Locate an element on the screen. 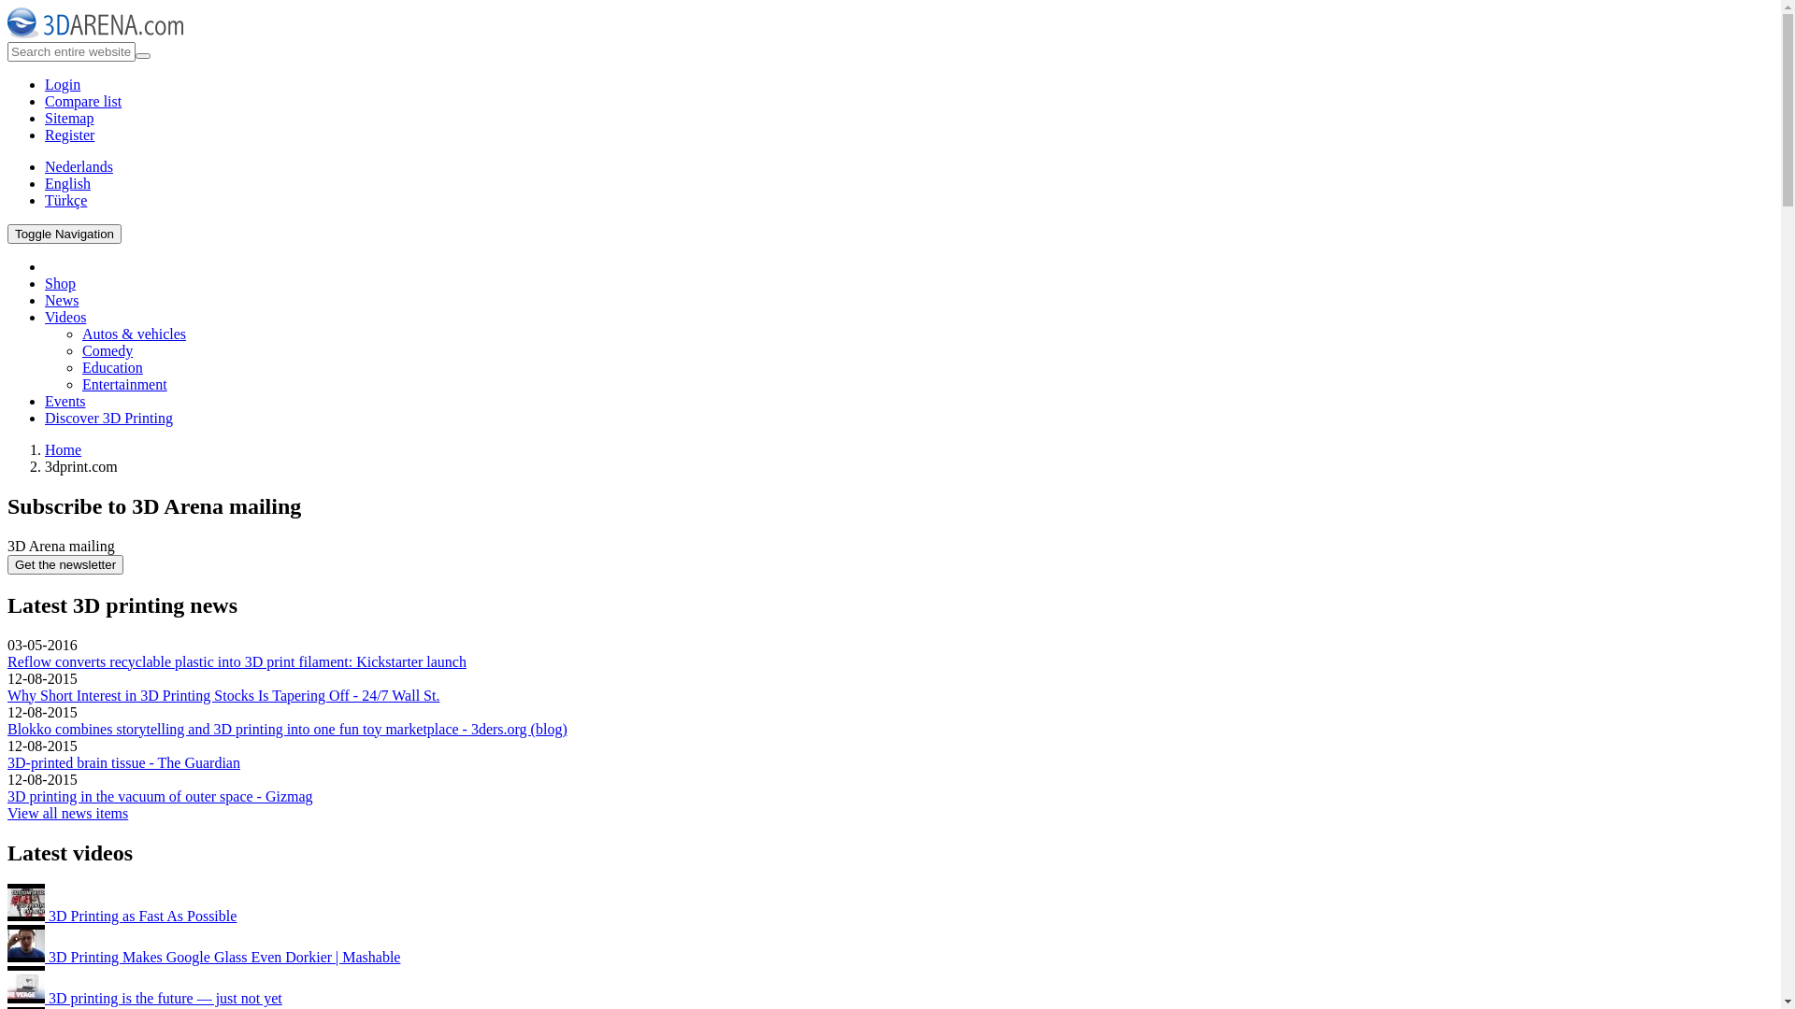 This screenshot has width=1795, height=1009. 'View all news items' is located at coordinates (67, 812).